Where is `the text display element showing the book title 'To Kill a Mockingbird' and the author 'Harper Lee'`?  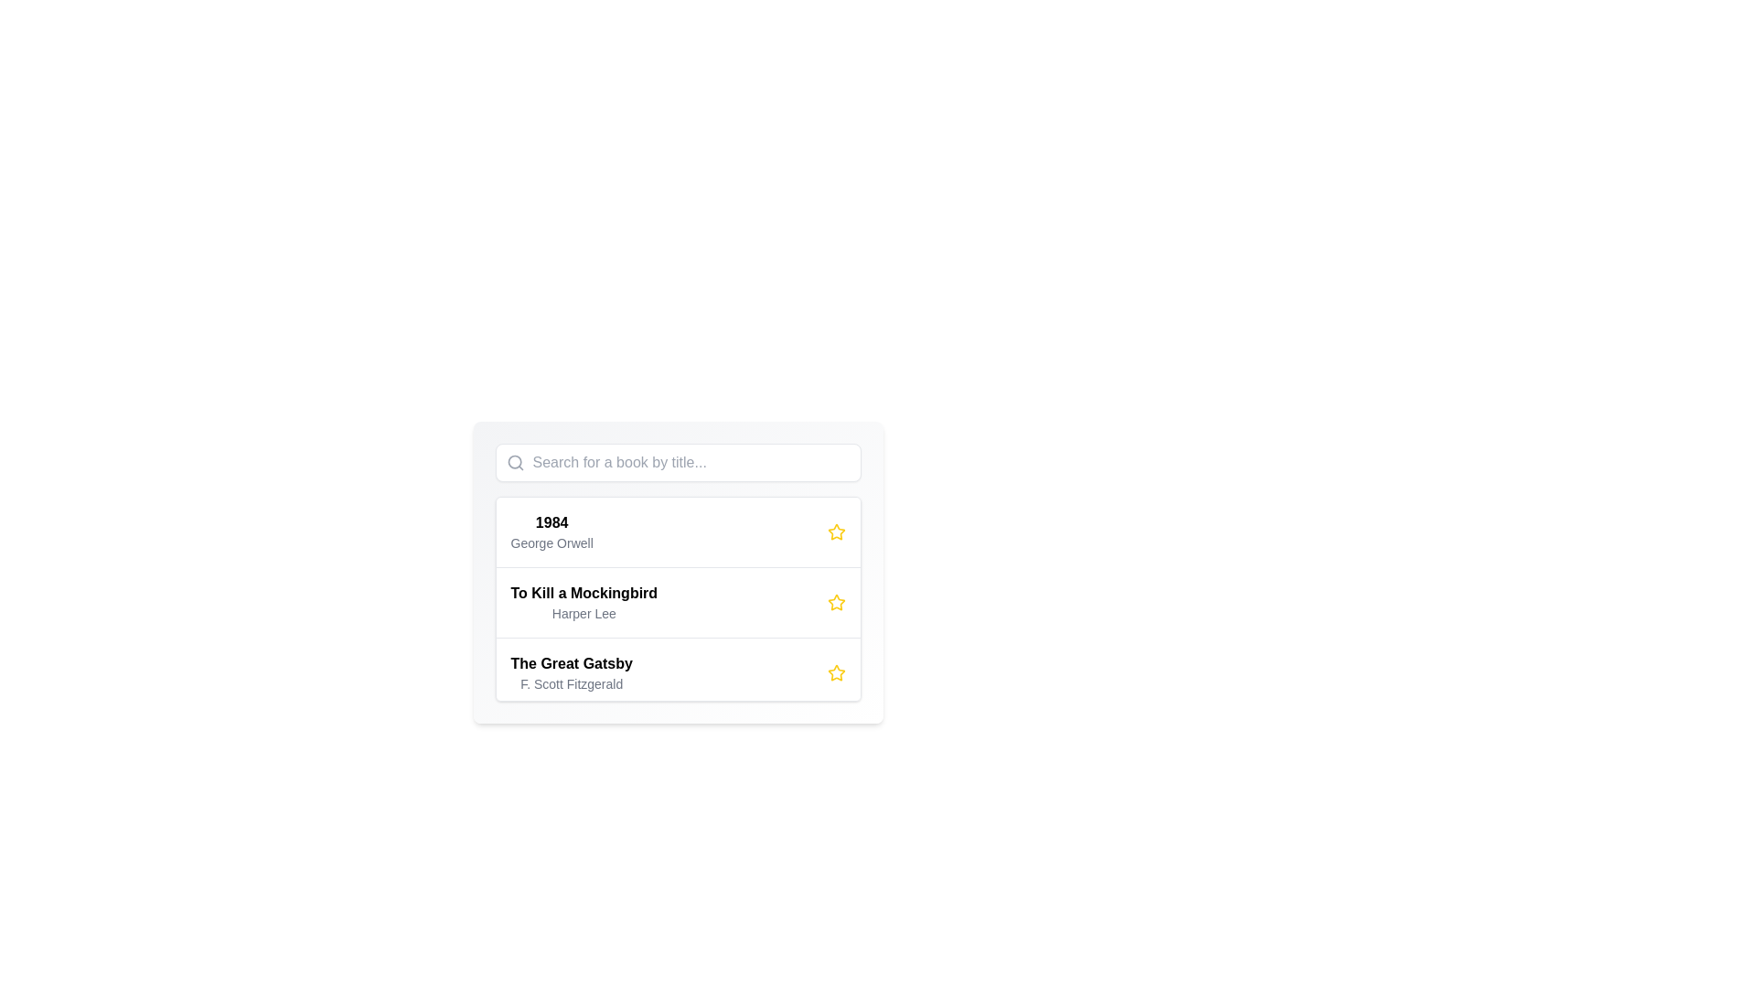 the text display element showing the book title 'To Kill a Mockingbird' and the author 'Harper Lee' is located at coordinates (583, 603).